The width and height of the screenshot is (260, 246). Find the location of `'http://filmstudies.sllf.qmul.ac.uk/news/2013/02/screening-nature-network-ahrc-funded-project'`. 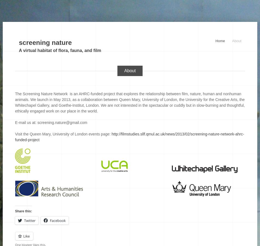

'http://filmstudies.sllf.qmul.ac.uk/news/2013/02/screening-nature-network-ahrc-funded-project' is located at coordinates (15, 137).